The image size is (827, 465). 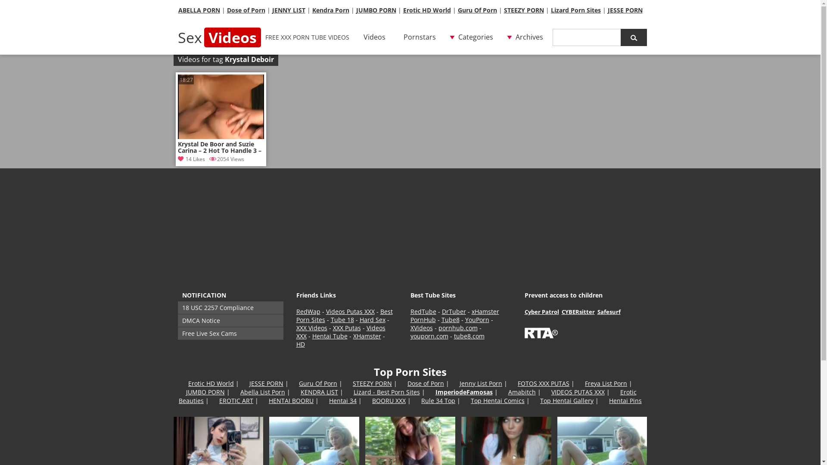 What do you see at coordinates (409, 319) in the screenshot?
I see `'PornHub'` at bounding box center [409, 319].